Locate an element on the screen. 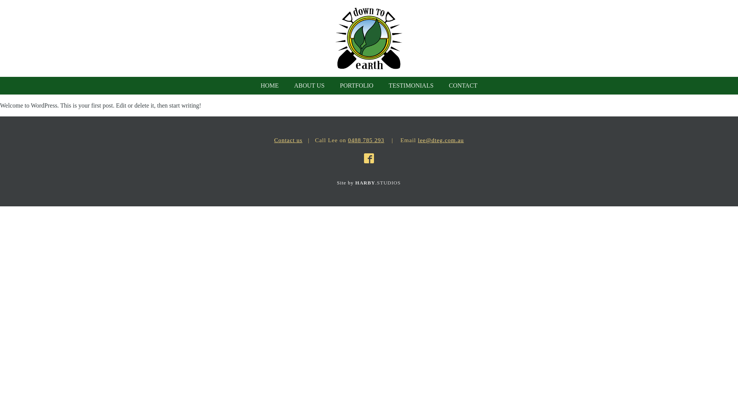  'PORTFOLIO' is located at coordinates (356, 86).